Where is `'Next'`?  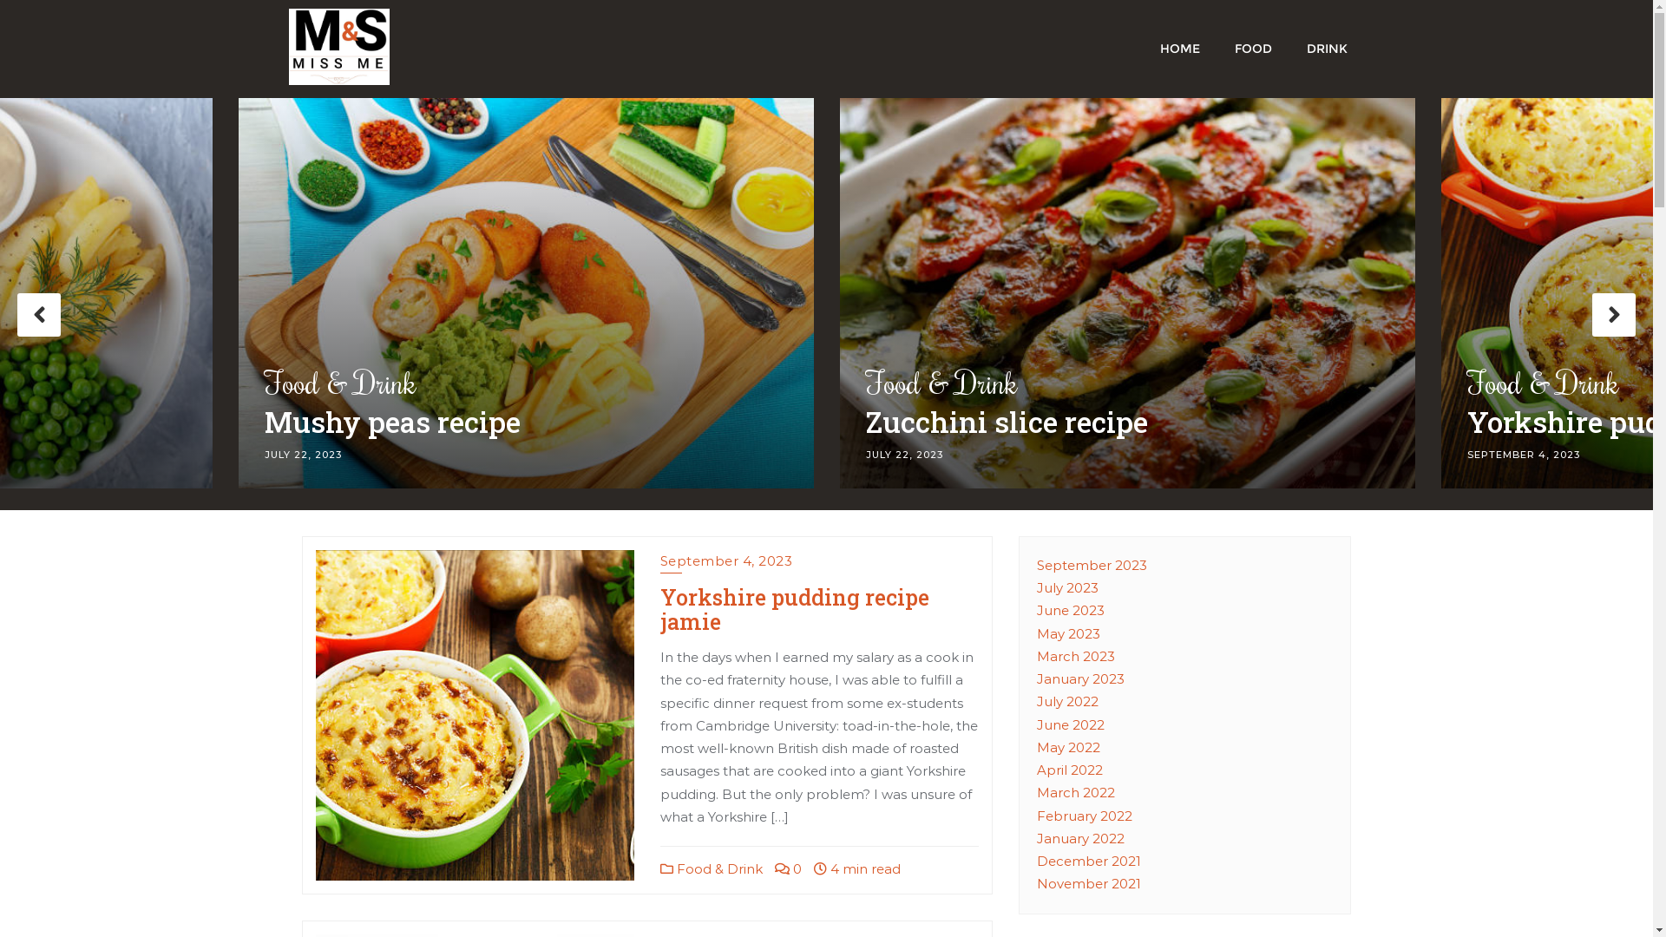
'Next' is located at coordinates (1613, 314).